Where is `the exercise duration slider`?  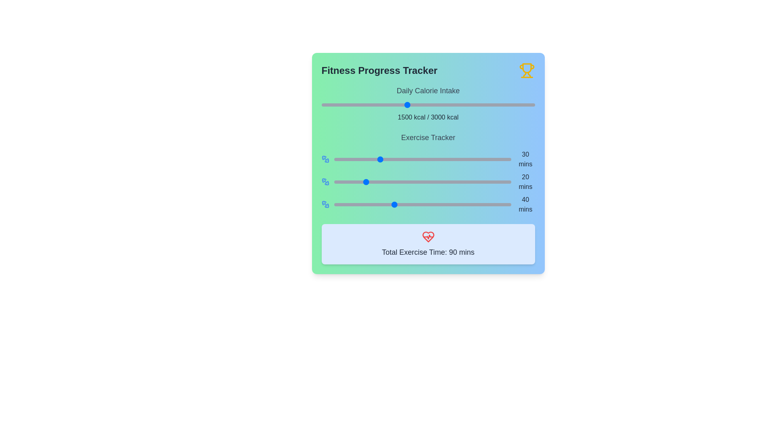
the exercise duration slider is located at coordinates (403, 182).